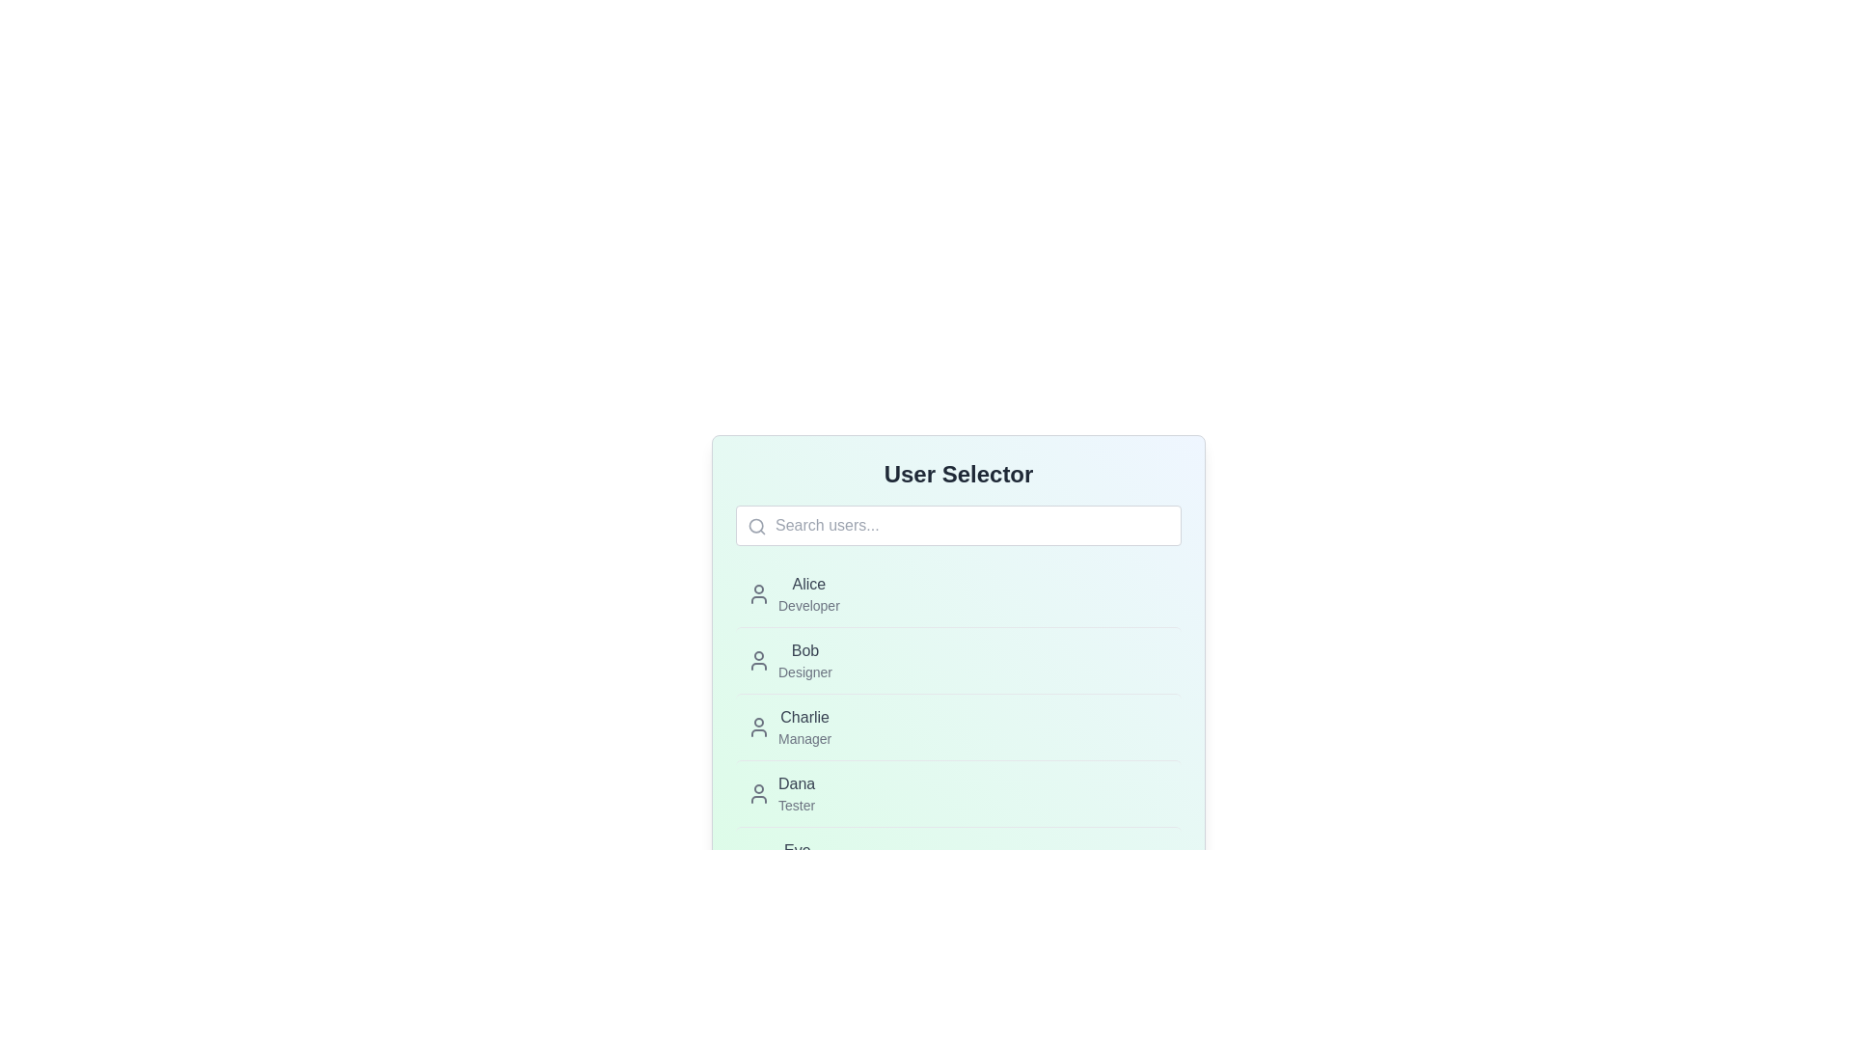 The image size is (1852, 1042). What do you see at coordinates (958, 658) in the screenshot?
I see `the list item representing the user 'Bob', who is a 'Designer'` at bounding box center [958, 658].